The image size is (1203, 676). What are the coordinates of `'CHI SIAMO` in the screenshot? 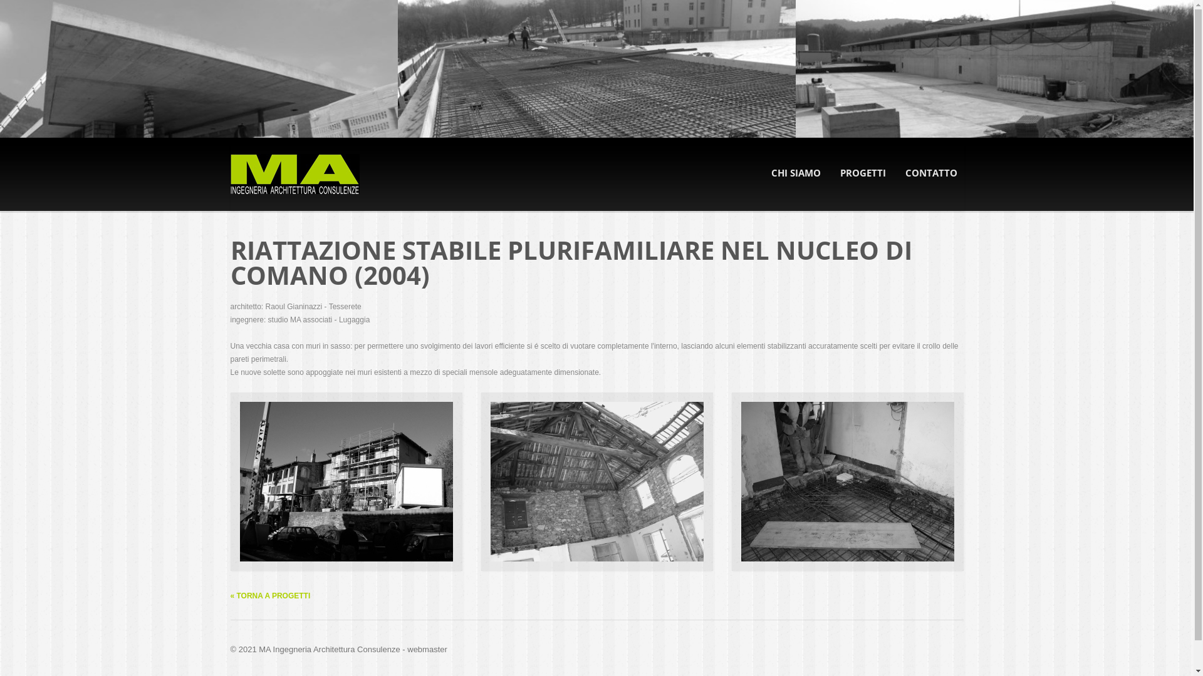 It's located at (794, 173).